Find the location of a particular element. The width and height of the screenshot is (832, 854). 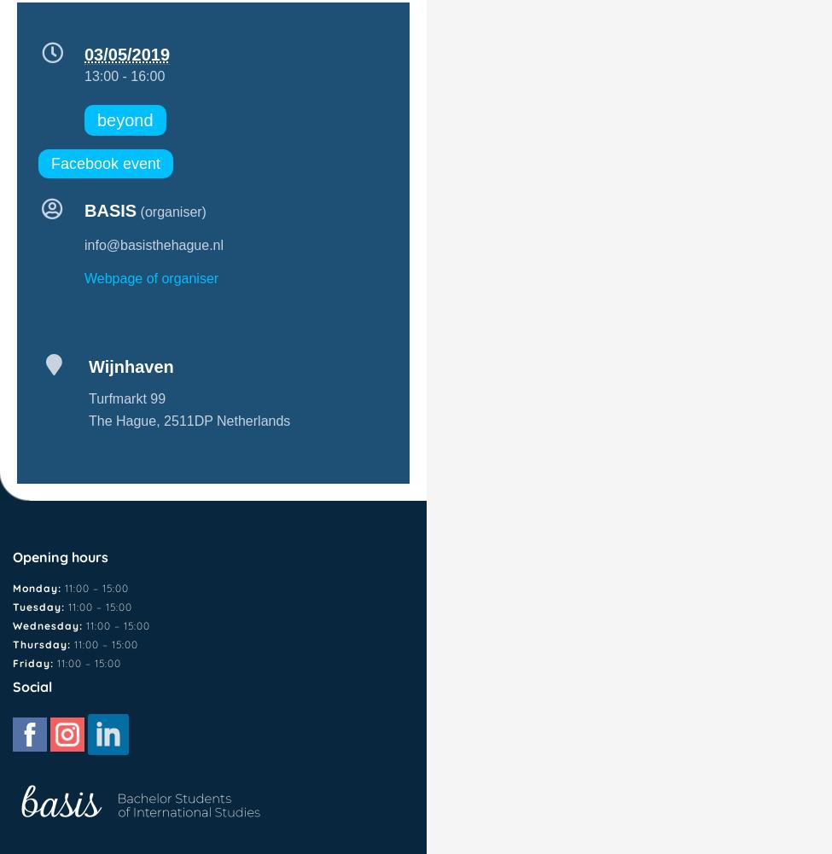

'Friday:' is located at coordinates (35, 663).